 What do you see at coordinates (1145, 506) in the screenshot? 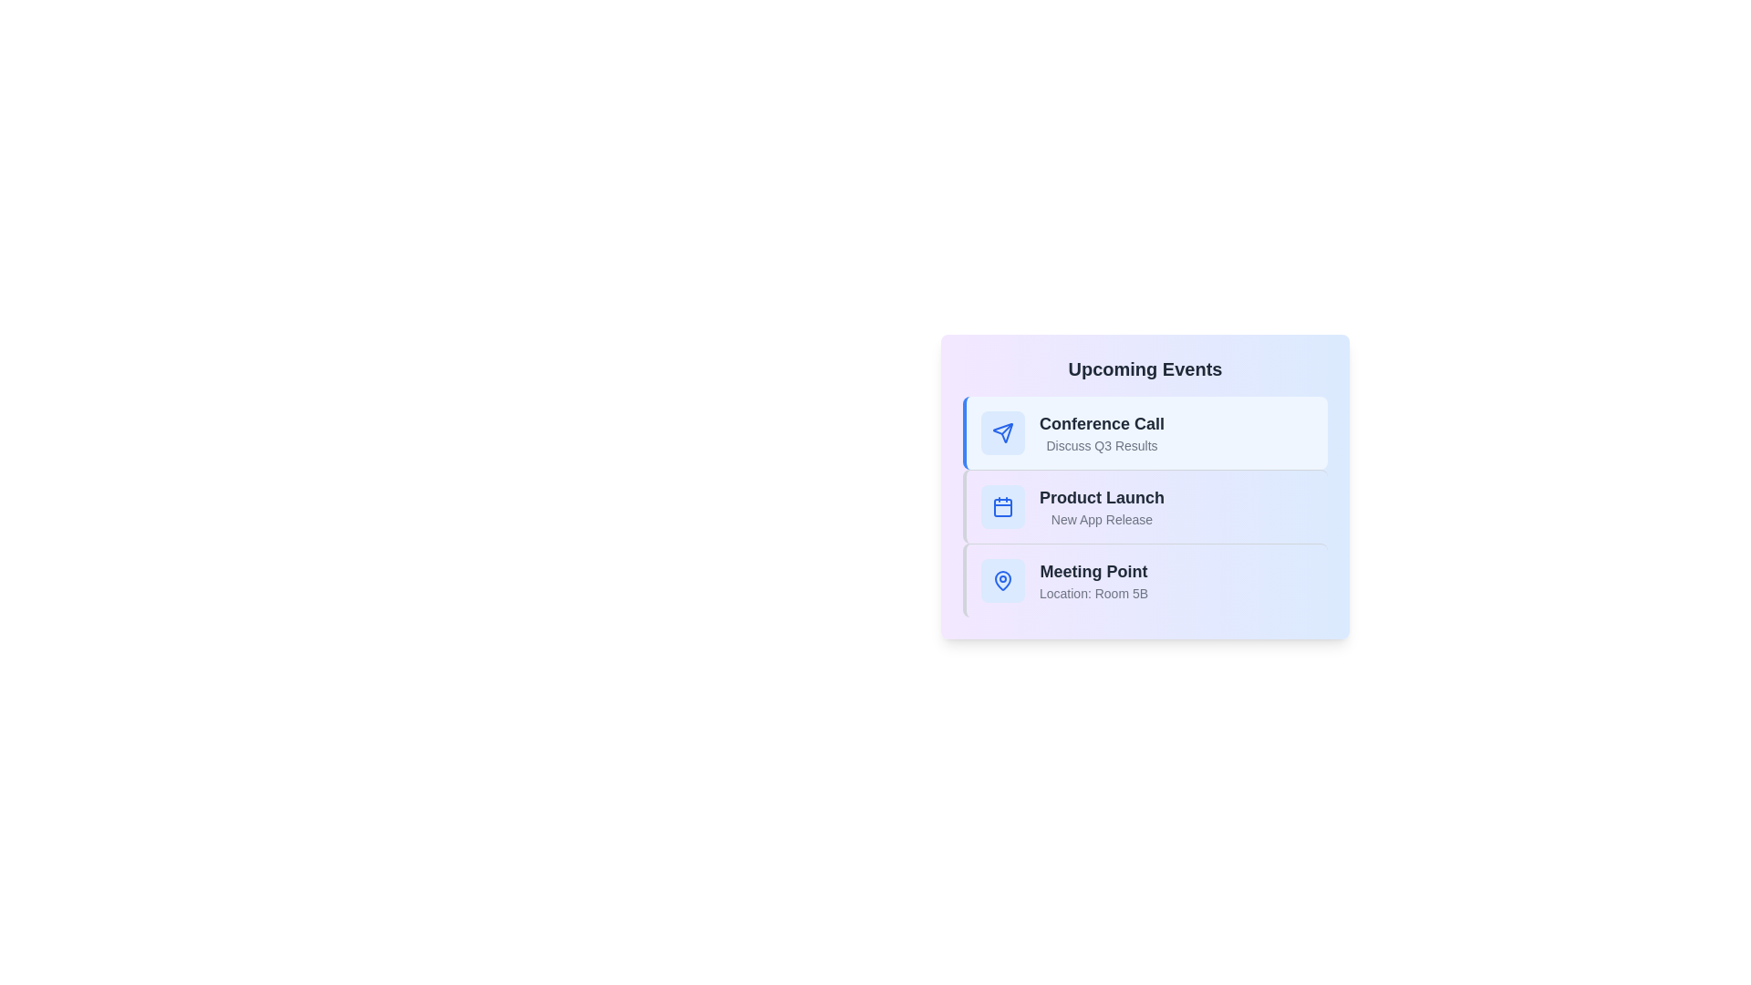
I see `the event Product Launch from the list` at bounding box center [1145, 506].